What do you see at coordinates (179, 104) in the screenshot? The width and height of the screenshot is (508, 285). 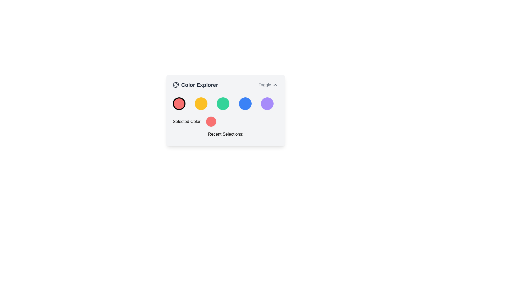 I see `the first circular button for selecting the color red located under the 'Color Explorer' title` at bounding box center [179, 104].